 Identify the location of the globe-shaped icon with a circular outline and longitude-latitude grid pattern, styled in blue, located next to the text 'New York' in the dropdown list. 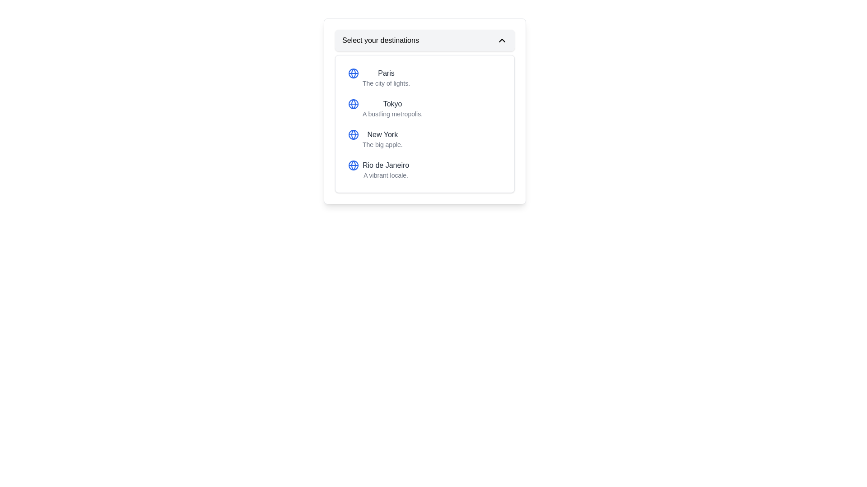
(353, 135).